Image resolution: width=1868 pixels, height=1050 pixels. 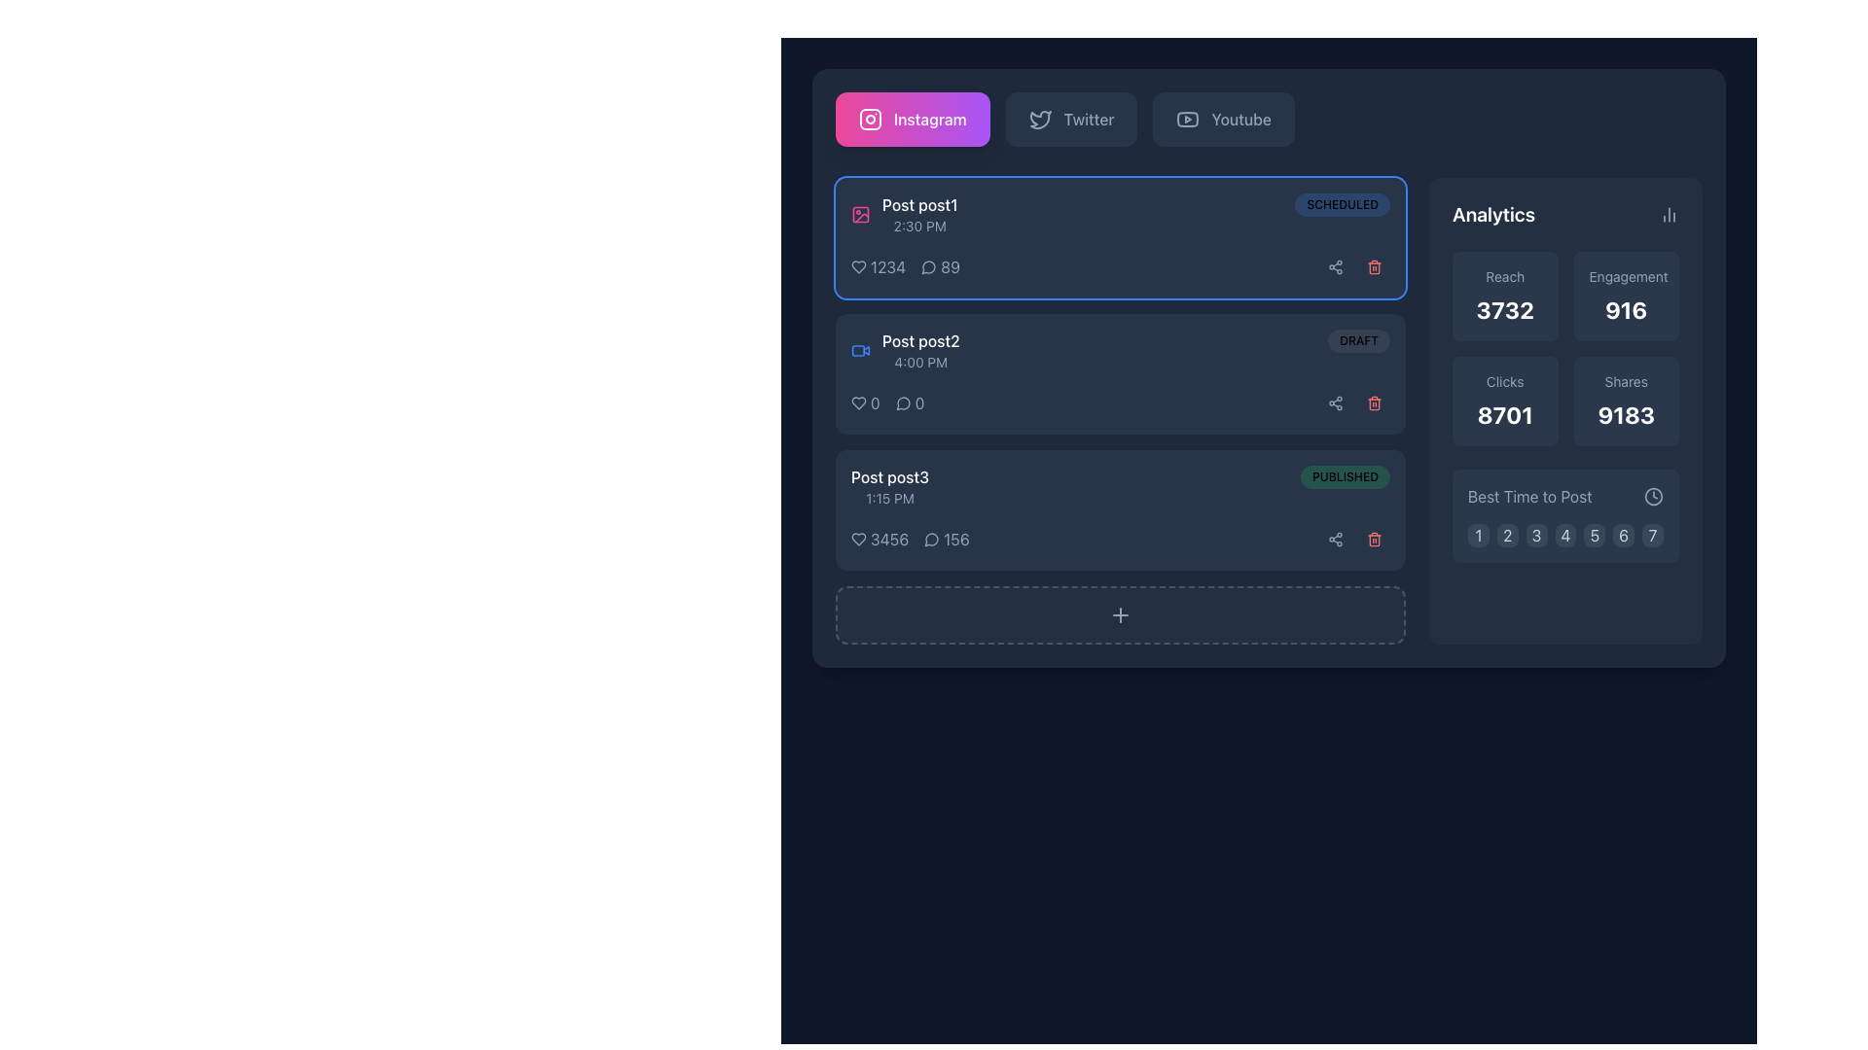 I want to click on the 'delete' icon button located on the right-hand side of the 'Post post3' entry, so click(x=1373, y=540).